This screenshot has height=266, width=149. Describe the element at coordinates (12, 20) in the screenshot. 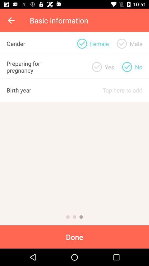

I see `go back` at that location.